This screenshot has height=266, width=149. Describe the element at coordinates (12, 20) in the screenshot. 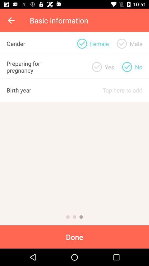

I see `go back` at that location.